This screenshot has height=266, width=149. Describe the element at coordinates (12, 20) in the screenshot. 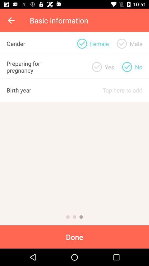

I see `go back` at that location.